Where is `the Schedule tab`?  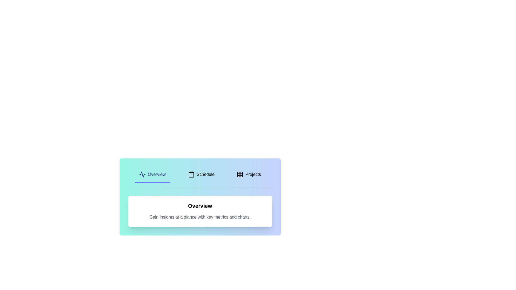
the Schedule tab is located at coordinates (201, 175).